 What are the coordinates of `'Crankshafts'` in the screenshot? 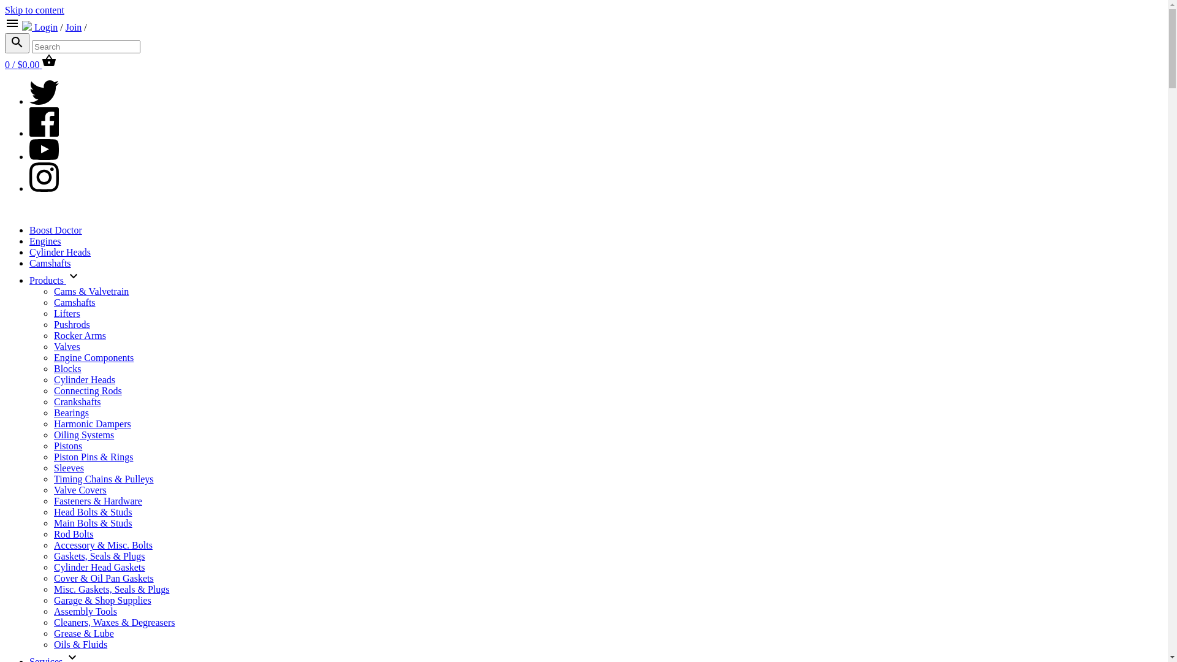 It's located at (76, 401).